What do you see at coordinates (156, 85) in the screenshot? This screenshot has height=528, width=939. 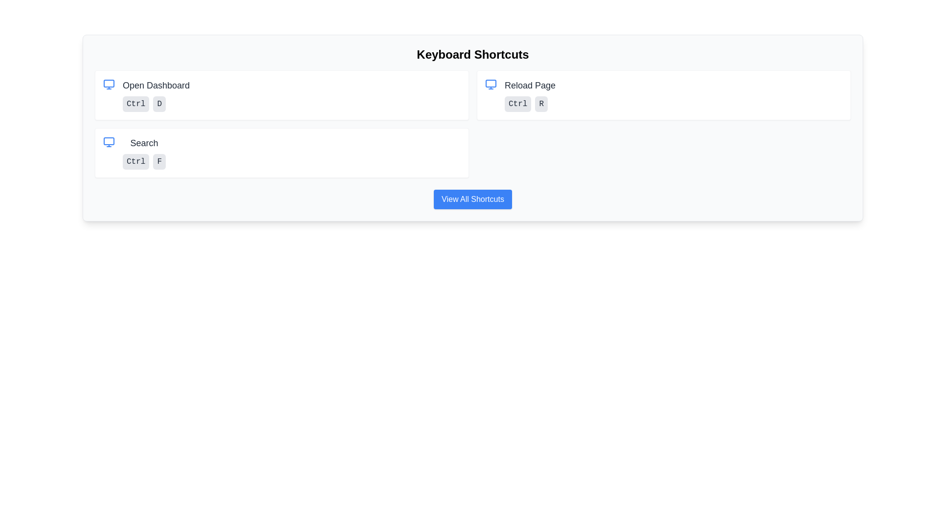 I see `the text label displaying 'Open Dashboard' in a large gray font, located in the top-left section of the main content area, adjacent to a visual icon and followed by 'Ctrl' and 'D'` at bounding box center [156, 85].